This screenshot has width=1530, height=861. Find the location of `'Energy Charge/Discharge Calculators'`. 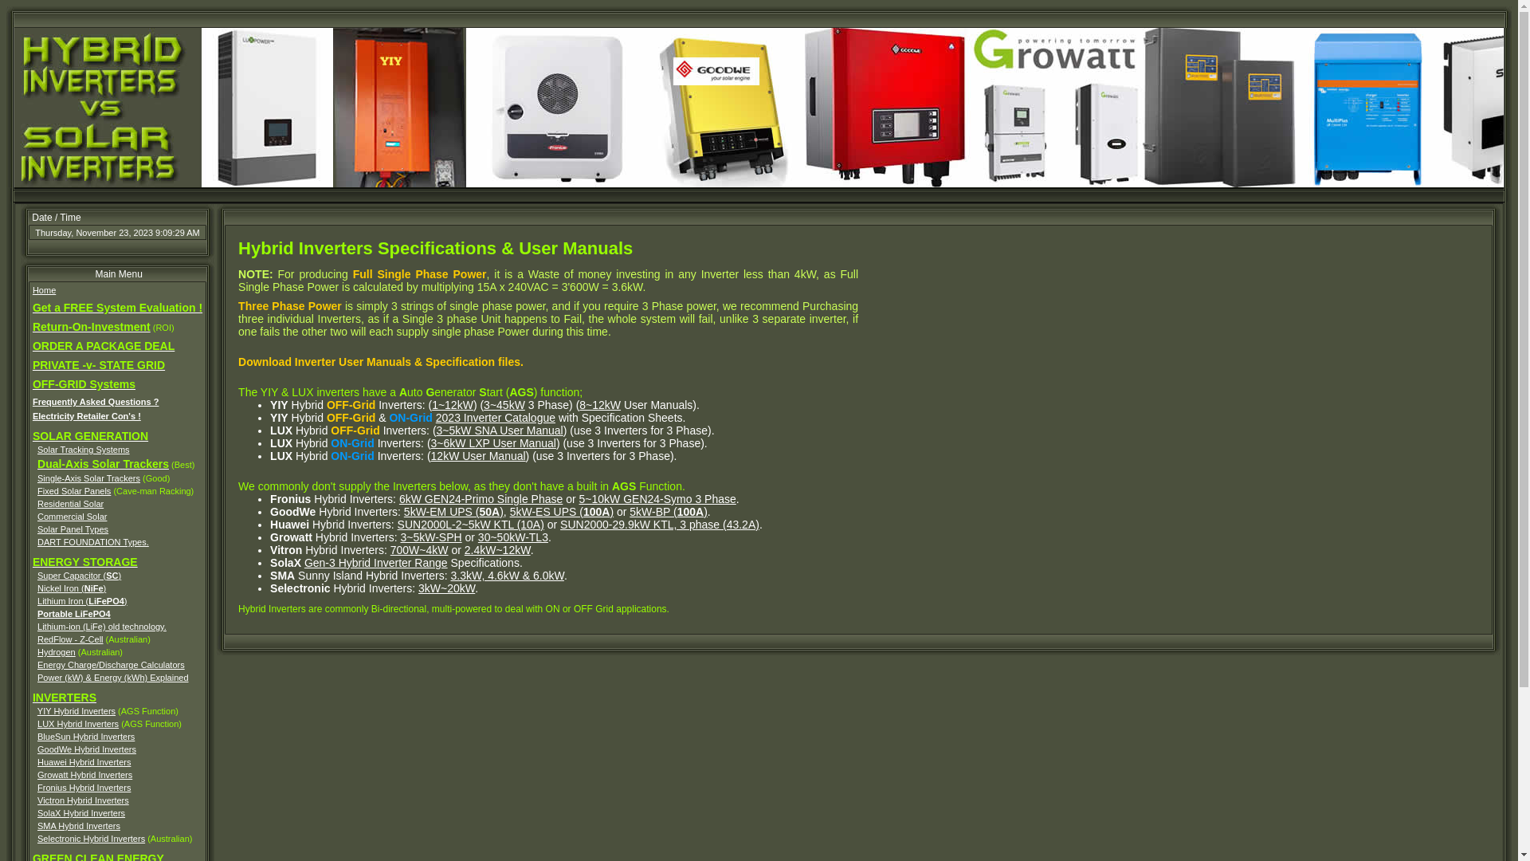

'Energy Charge/Discharge Calculators' is located at coordinates (110, 664).